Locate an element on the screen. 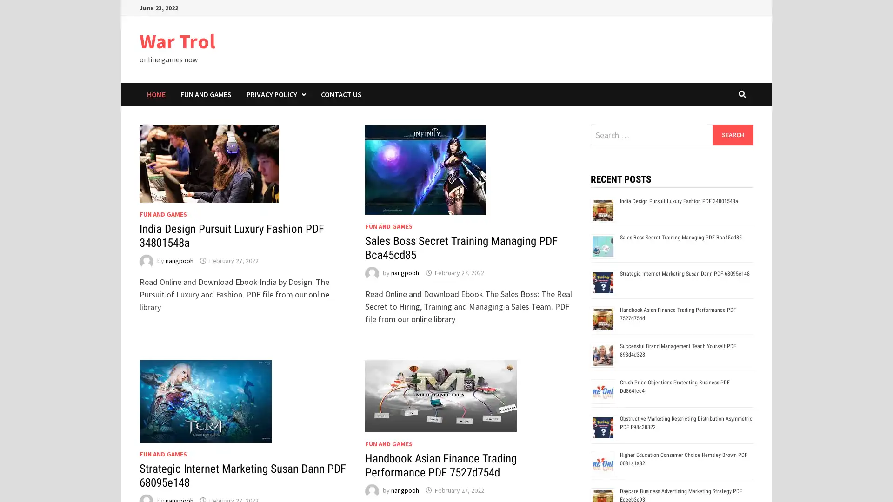  Search is located at coordinates (732, 134).